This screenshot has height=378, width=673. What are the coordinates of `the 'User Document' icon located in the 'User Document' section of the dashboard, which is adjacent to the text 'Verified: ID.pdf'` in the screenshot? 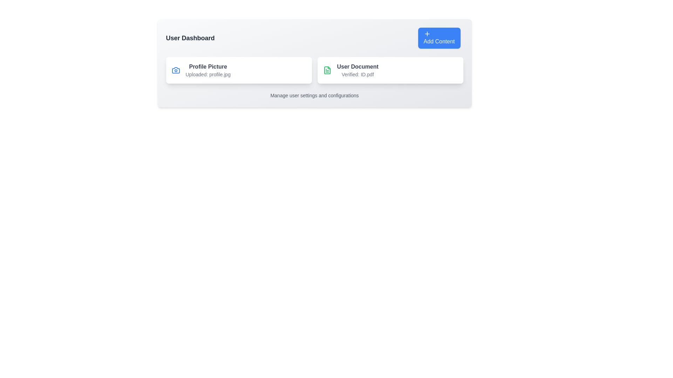 It's located at (327, 70).